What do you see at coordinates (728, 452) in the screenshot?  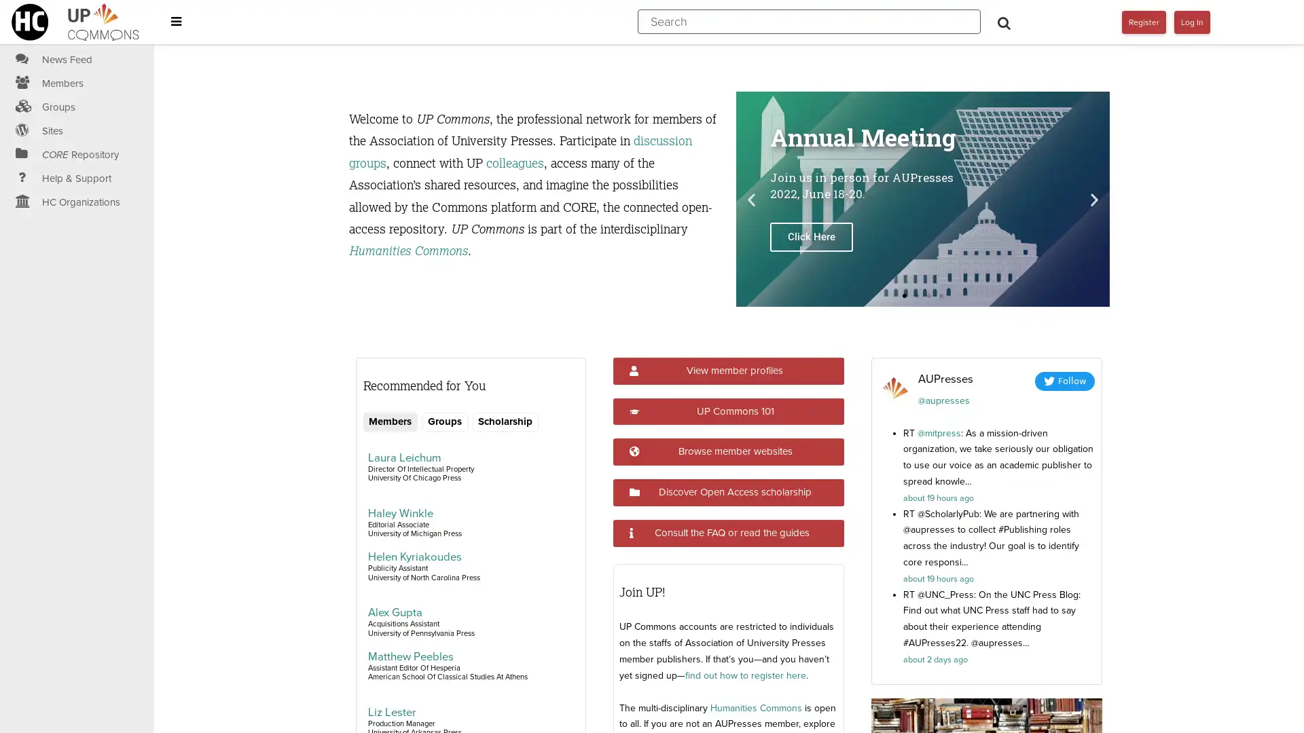 I see `Browse member websites` at bounding box center [728, 452].